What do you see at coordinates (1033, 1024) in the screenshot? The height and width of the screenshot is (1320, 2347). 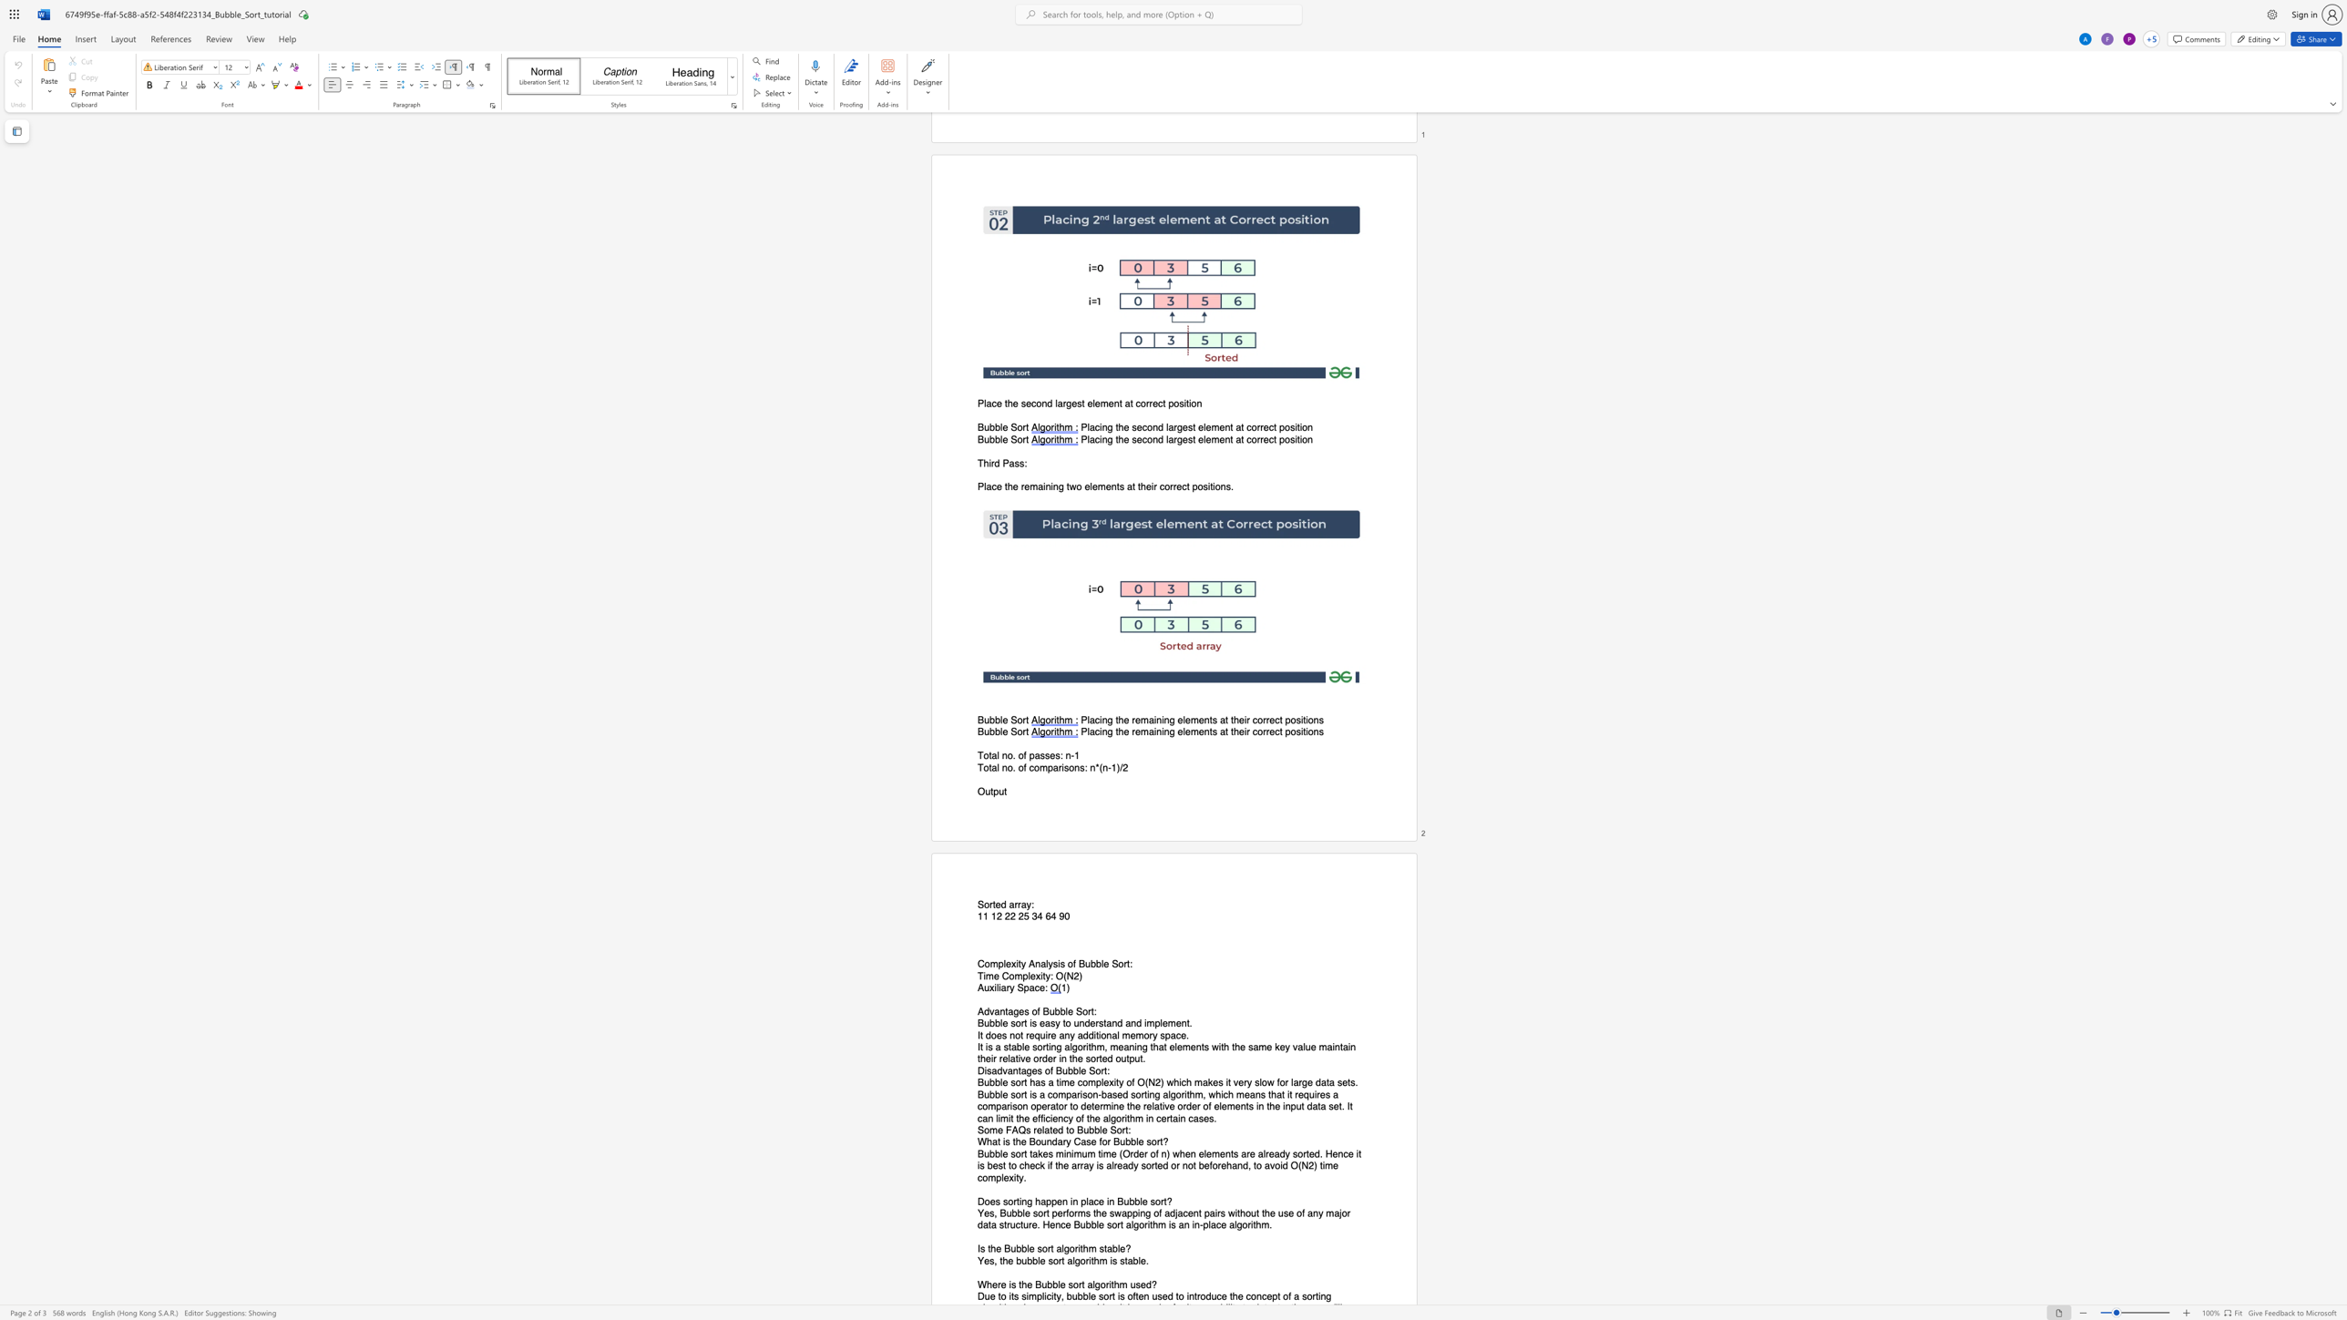 I see `the 2th character "s" in the text` at bounding box center [1033, 1024].